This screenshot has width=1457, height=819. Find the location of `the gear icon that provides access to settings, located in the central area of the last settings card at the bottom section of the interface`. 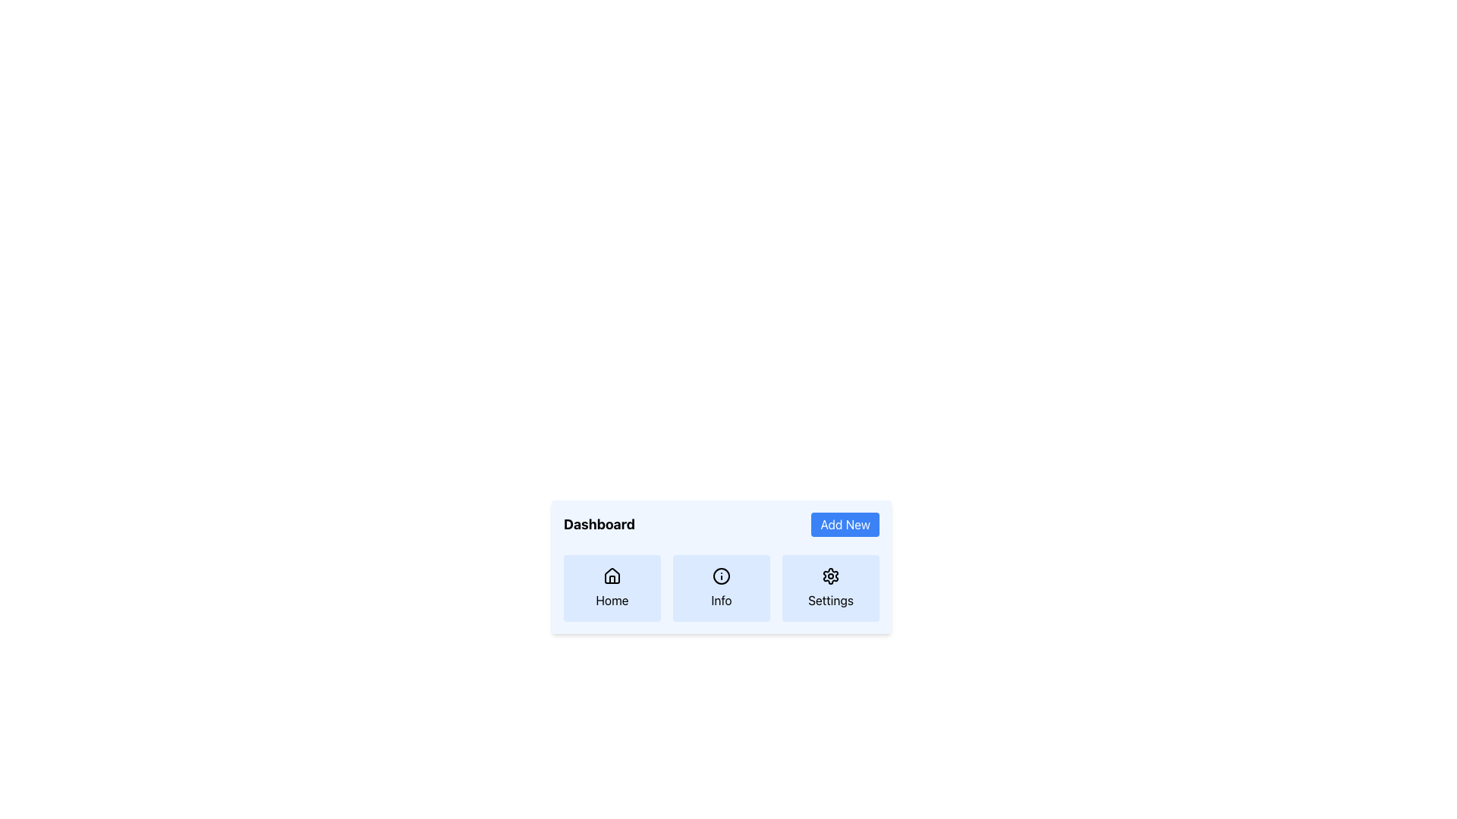

the gear icon that provides access to settings, located in the central area of the last settings card at the bottom section of the interface is located at coordinates (829, 576).